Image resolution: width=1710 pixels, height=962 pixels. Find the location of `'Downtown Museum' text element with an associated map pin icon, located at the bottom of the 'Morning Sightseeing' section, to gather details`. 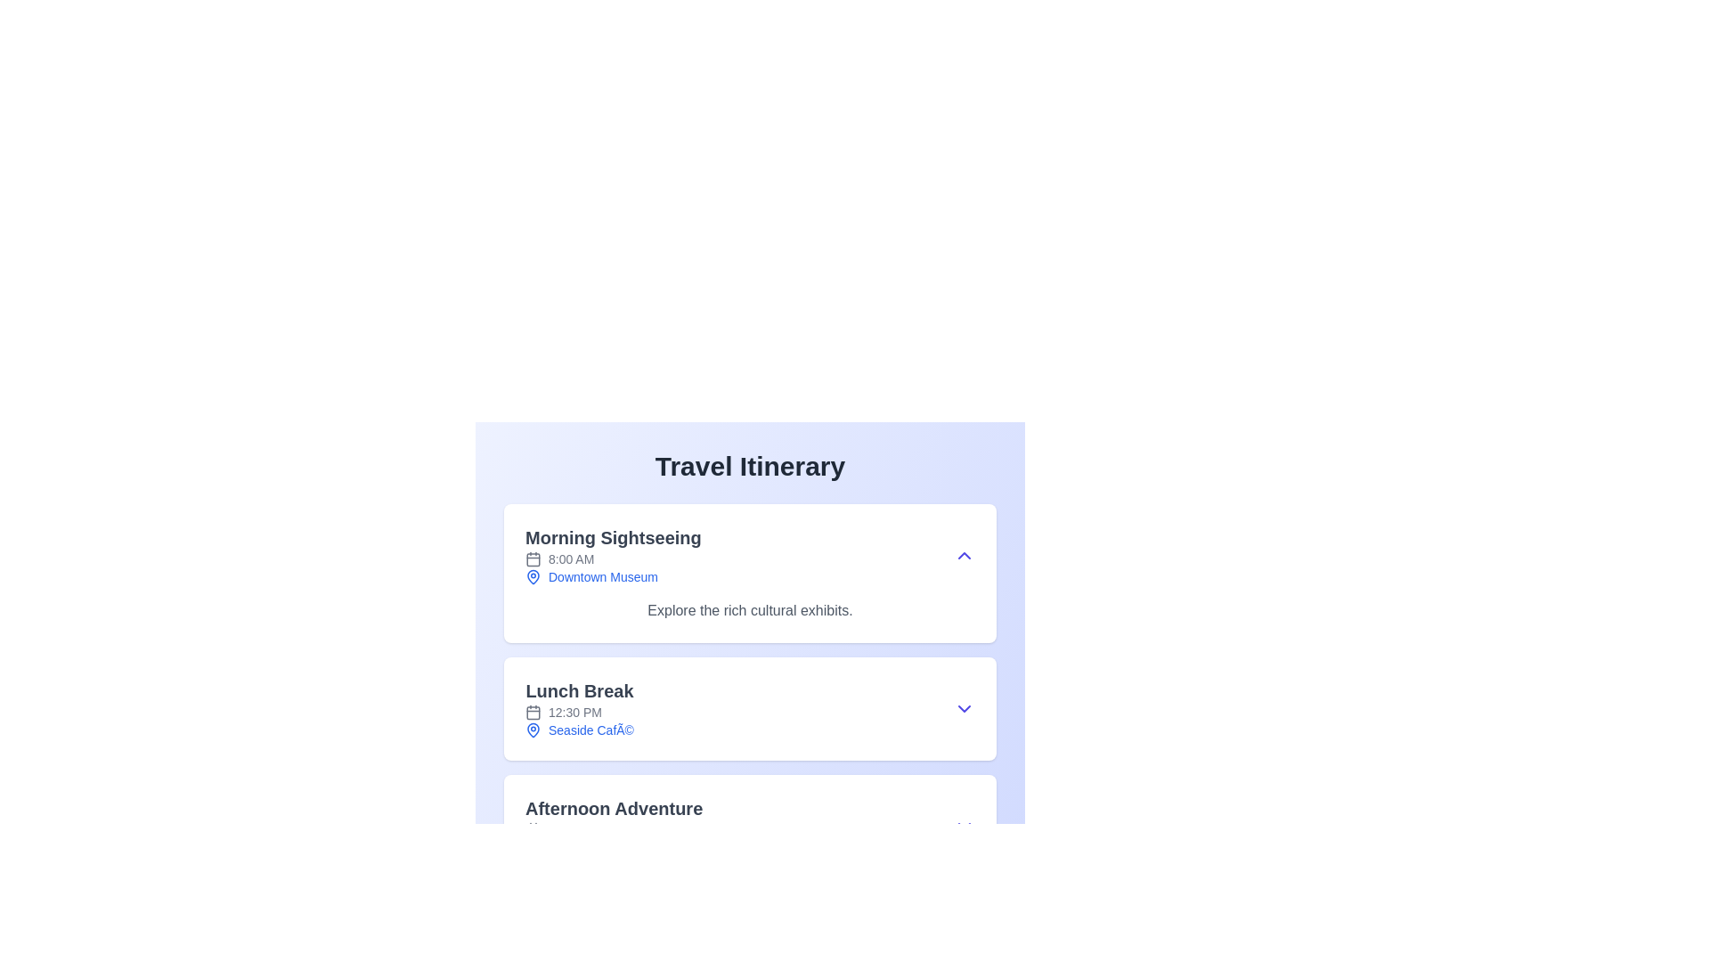

'Downtown Museum' text element with an associated map pin icon, located at the bottom of the 'Morning Sightseeing' section, to gather details is located at coordinates (613, 577).